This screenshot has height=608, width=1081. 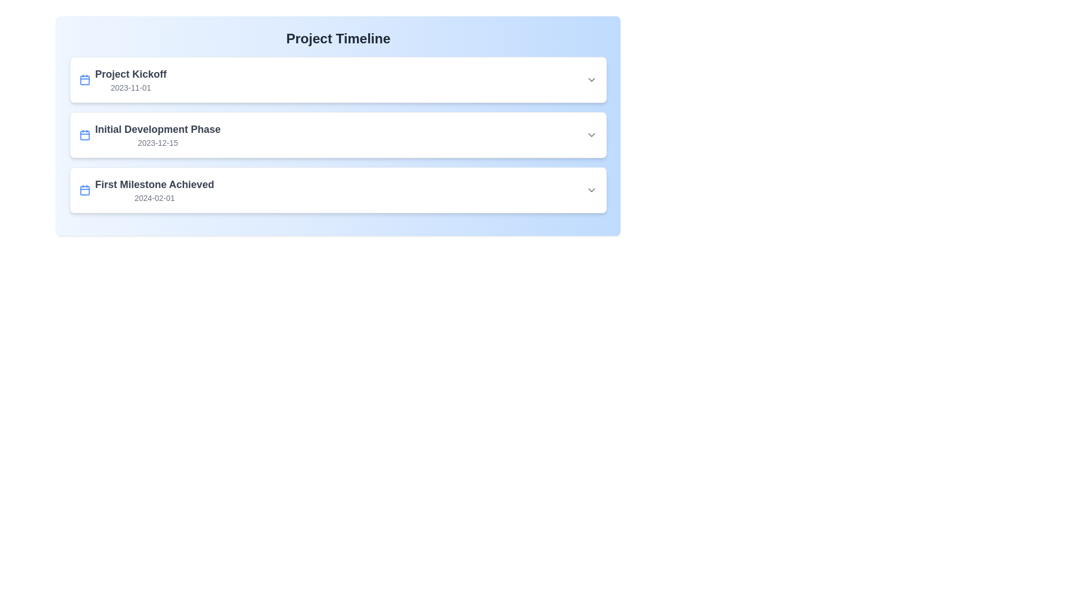 What do you see at coordinates (84, 134) in the screenshot?
I see `calendar-related event icon located in the 'Project Timeline' section, which is the second icon in a vertical list, positioned to the left of the text 'Initial Development Phase' and above the date '2023-12-15'` at bounding box center [84, 134].